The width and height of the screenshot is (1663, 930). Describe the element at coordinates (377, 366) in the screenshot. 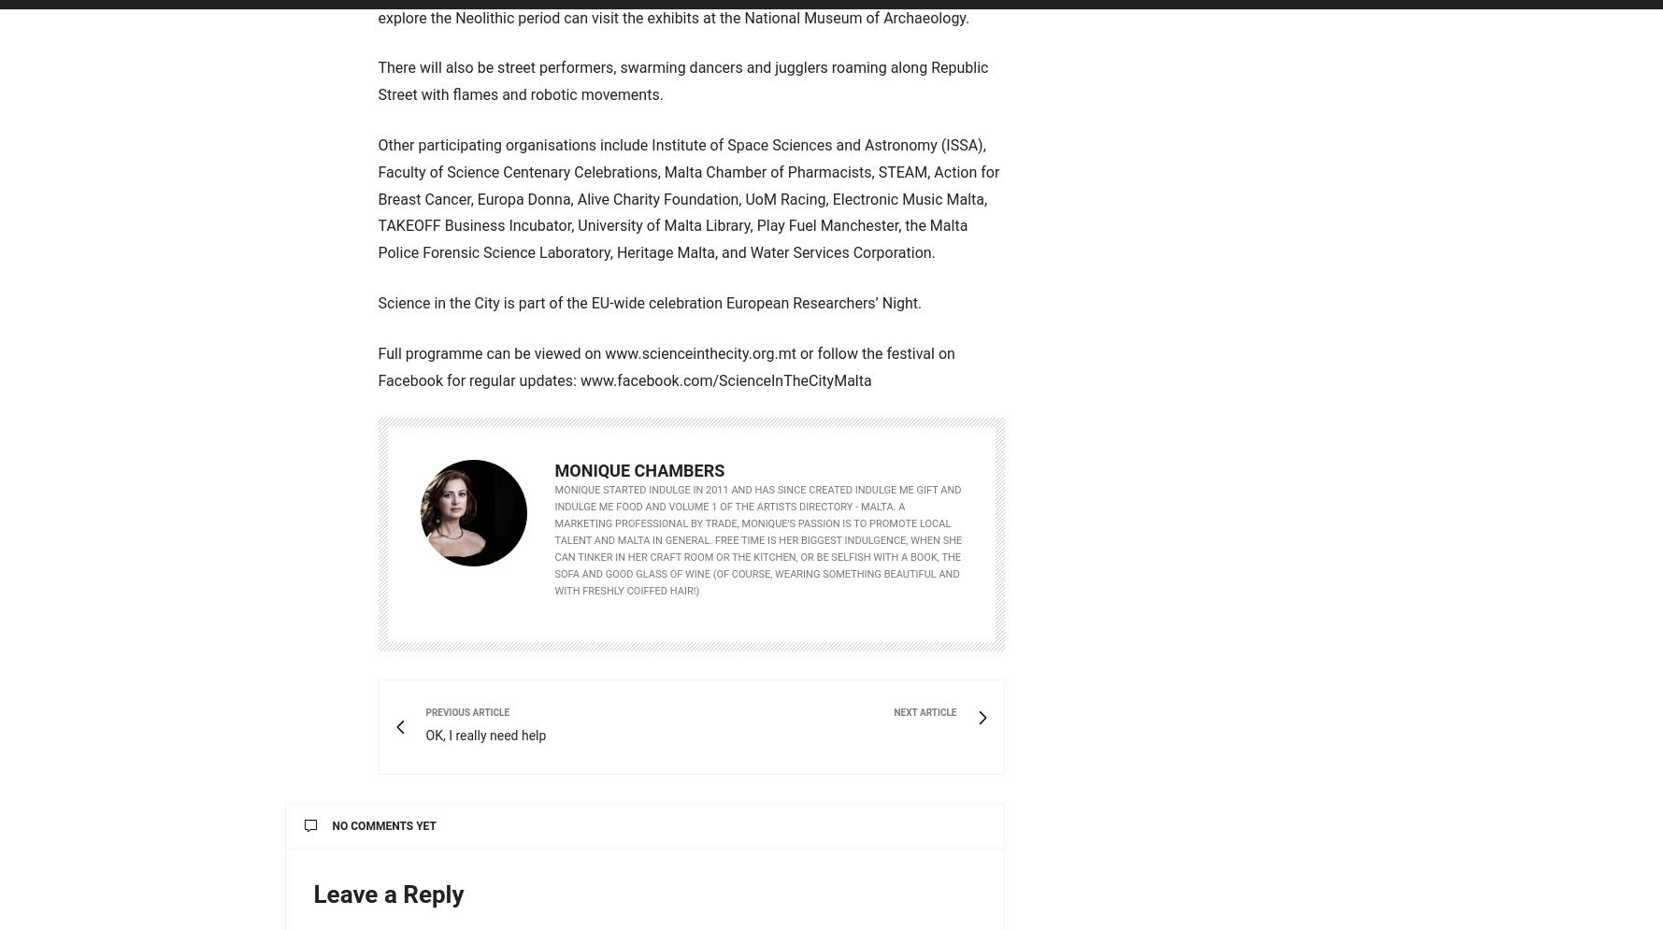

I see `'Full programme can be viewed on www.scienceinthecity.org.mt or follow the festival on Facebook for regular updates: www.facebook.com/ScienceInTheCityMalta'` at that location.